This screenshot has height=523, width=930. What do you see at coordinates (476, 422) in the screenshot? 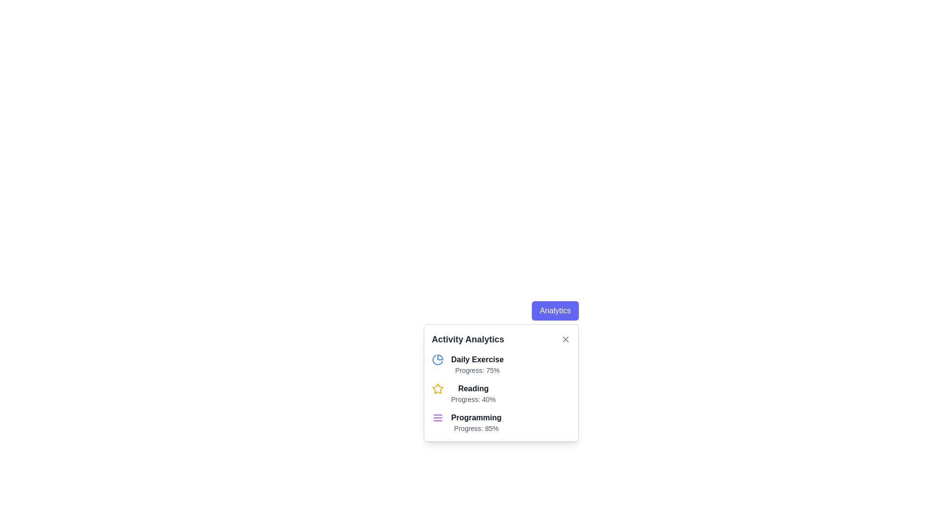
I see `displayed progress percentage (85%) for the activity named 'Programming' located within the lower portion of the 'Activity Analytics' card` at bounding box center [476, 422].